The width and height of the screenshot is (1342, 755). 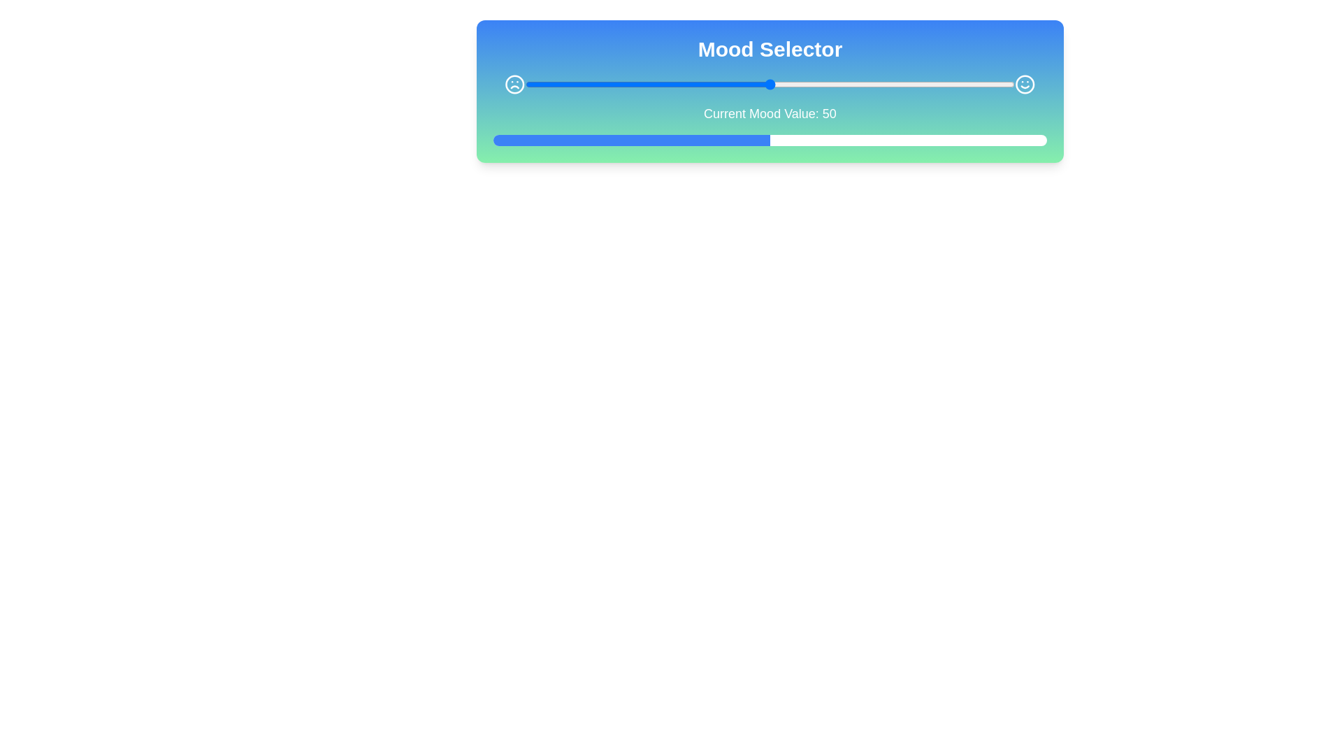 I want to click on the Circle shape that forms the outer boundary of the frown face graphic within the SVG component of the 'Mood Selector', so click(x=514, y=84).